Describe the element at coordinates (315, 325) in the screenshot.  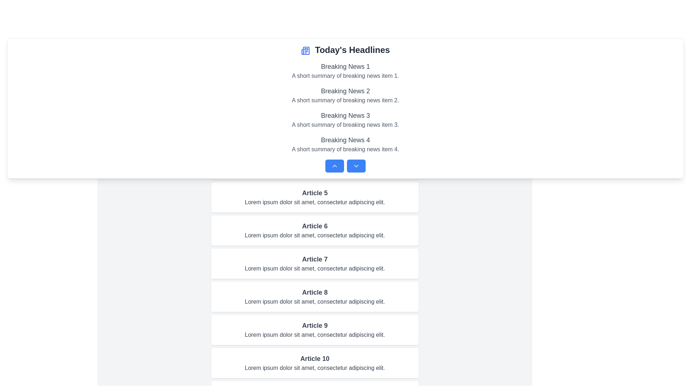
I see `the bold title labeled 'Article 9' which is styled with a large font size and dark color` at that location.